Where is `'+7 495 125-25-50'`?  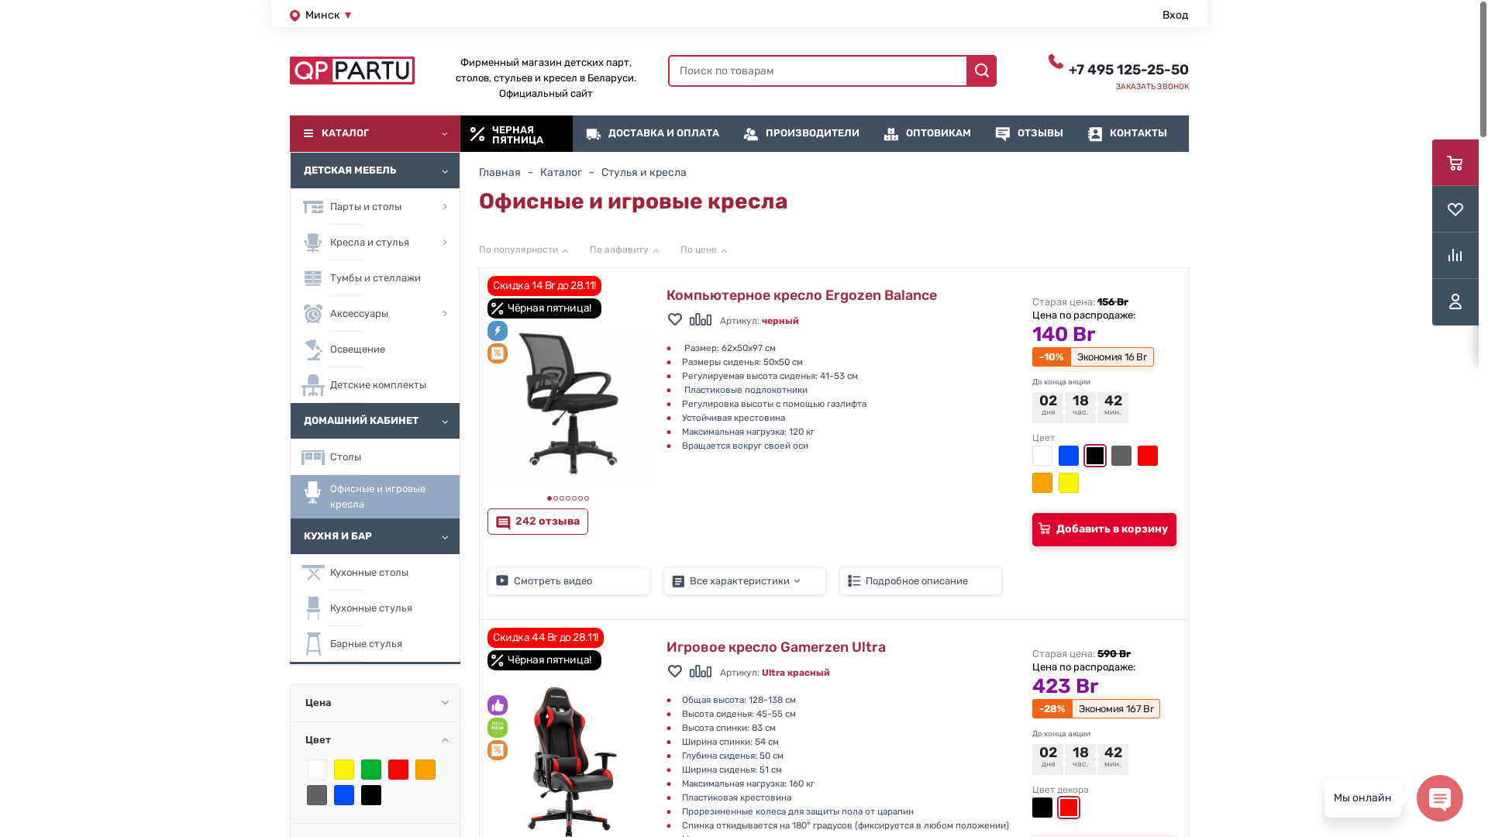
'+7 495 125-25-50' is located at coordinates (1128, 67).